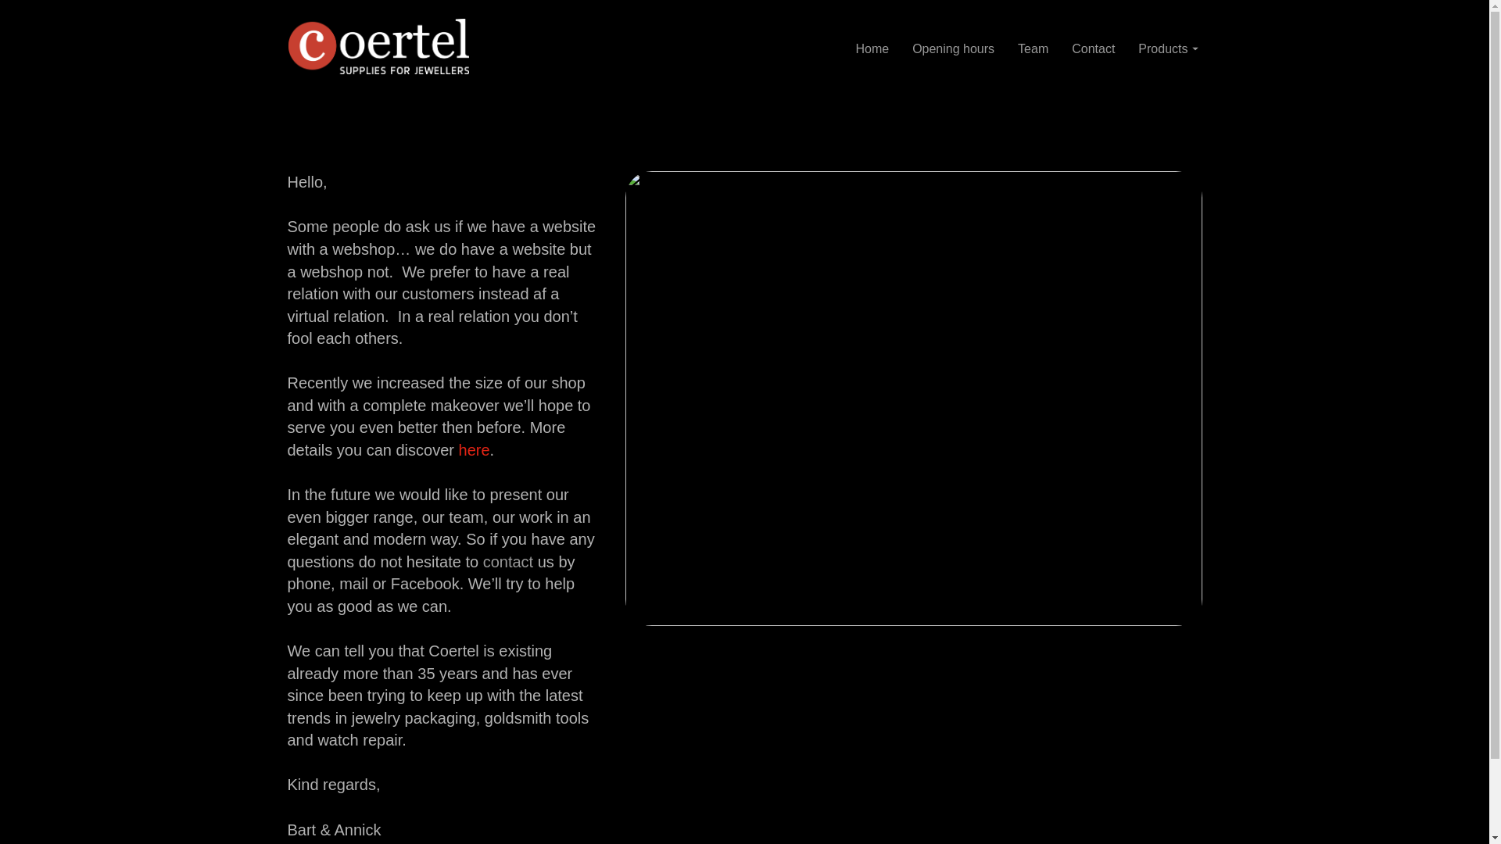 Image resolution: width=1501 pixels, height=844 pixels. I want to click on 'Team', so click(1033, 47).